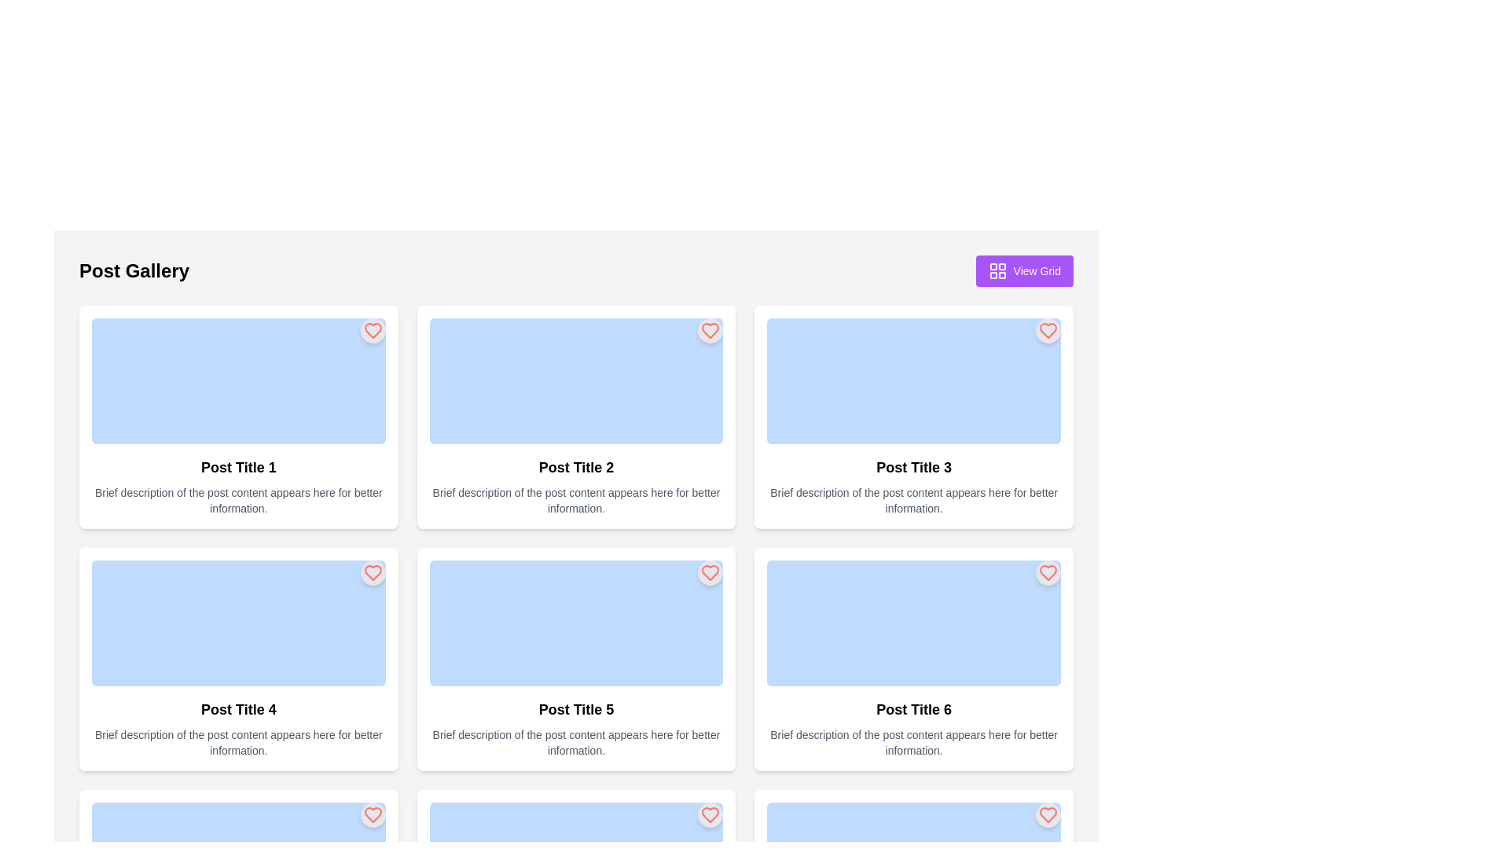 The width and height of the screenshot is (1509, 849). I want to click on the like button located at the top-right corner of the 'Post Title 6' card, so click(1048, 573).